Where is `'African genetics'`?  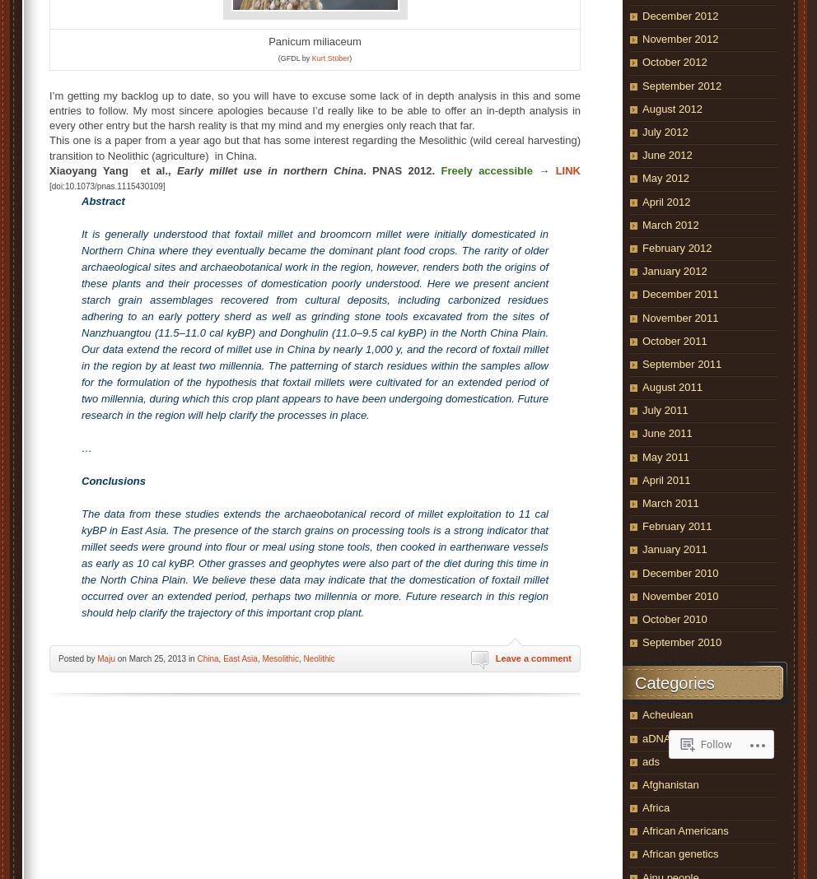 'African genetics' is located at coordinates (642, 853).